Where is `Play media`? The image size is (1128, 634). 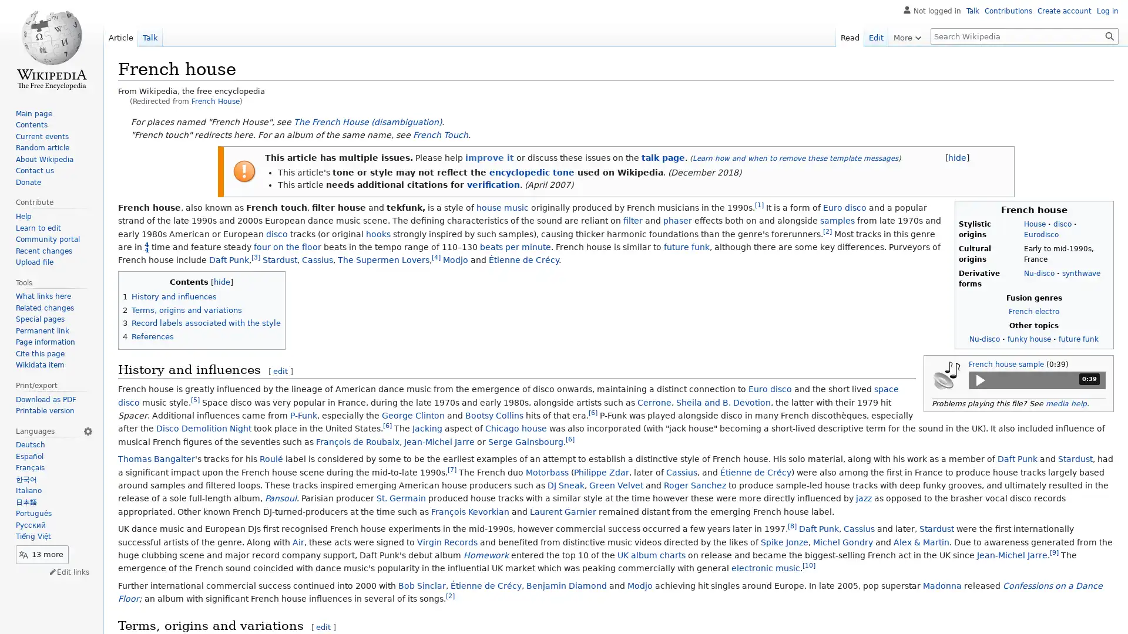
Play media is located at coordinates (1036, 380).